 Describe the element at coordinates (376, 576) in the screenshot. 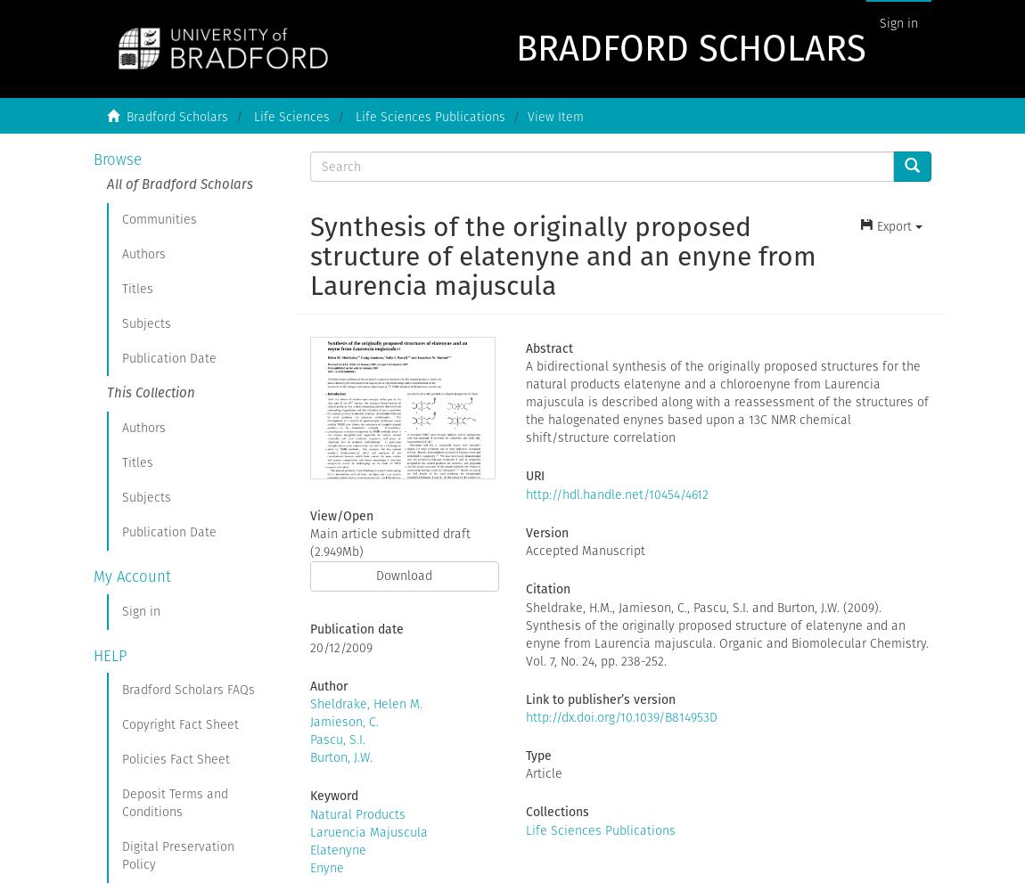

I see `'Download'` at that location.